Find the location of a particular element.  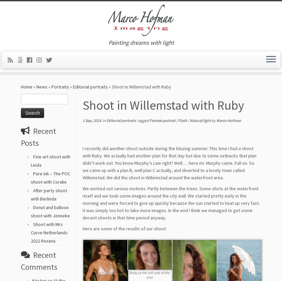

'After party shoot with Berlinda' is located at coordinates (49, 197).